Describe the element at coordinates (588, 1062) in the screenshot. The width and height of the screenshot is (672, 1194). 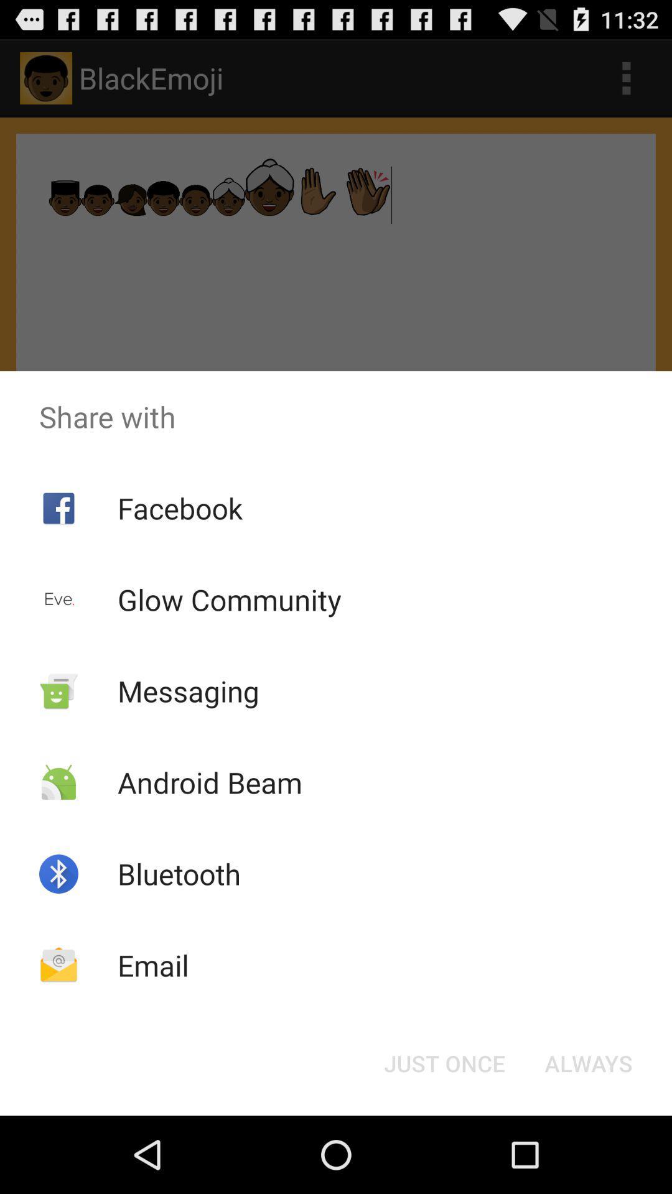
I see `always at the bottom right corner` at that location.